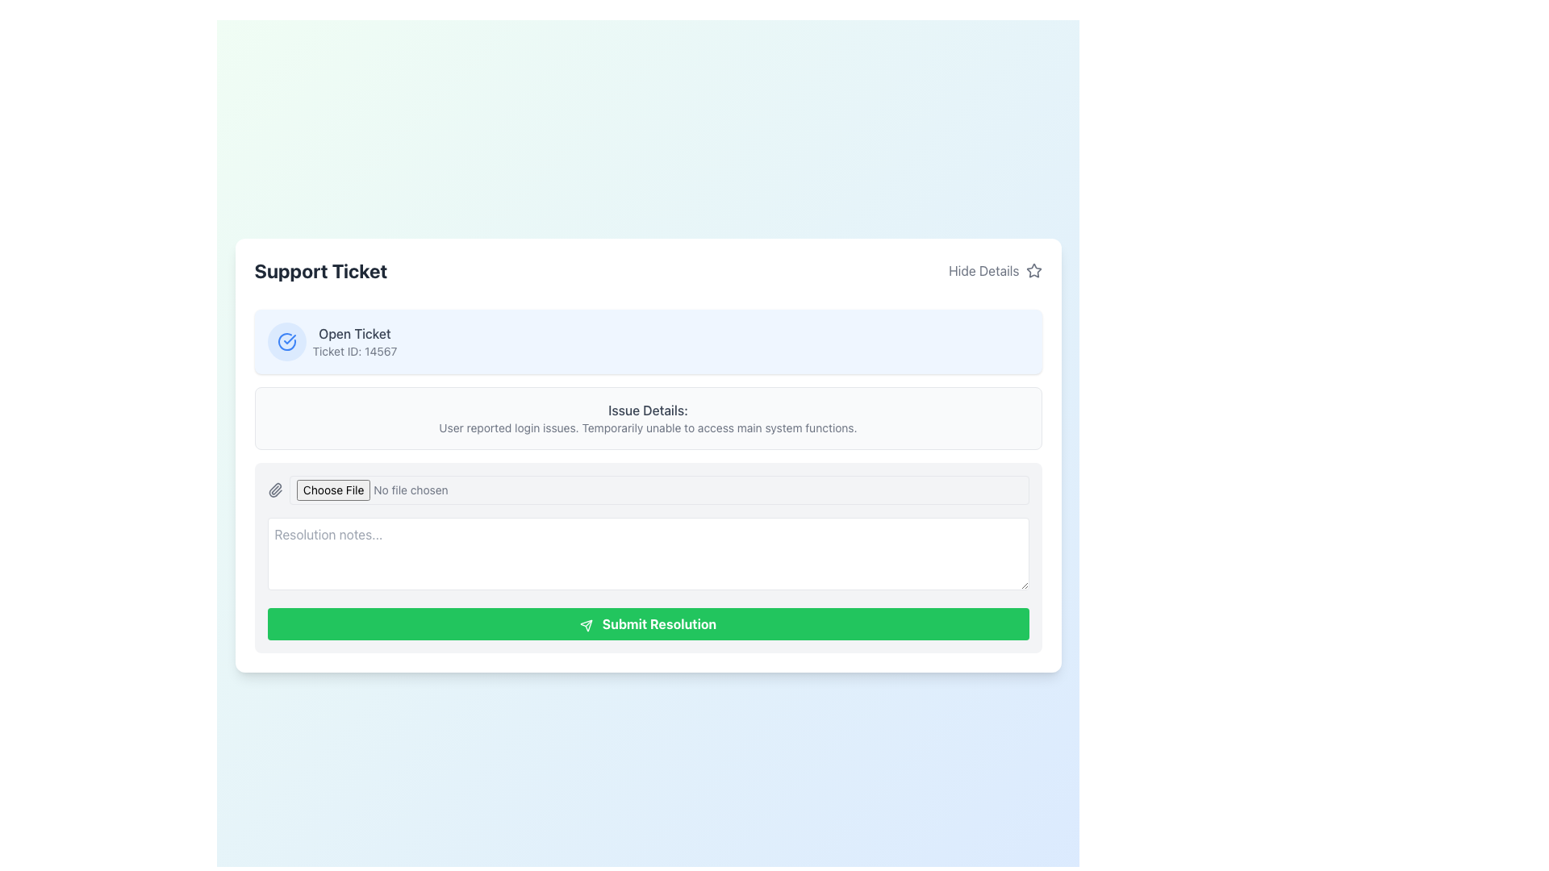 The image size is (1549, 871). I want to click on the 'Hide Details' text label, which is styled with a gray font and located in the top right corner of the support ticket interface, so click(983, 269).